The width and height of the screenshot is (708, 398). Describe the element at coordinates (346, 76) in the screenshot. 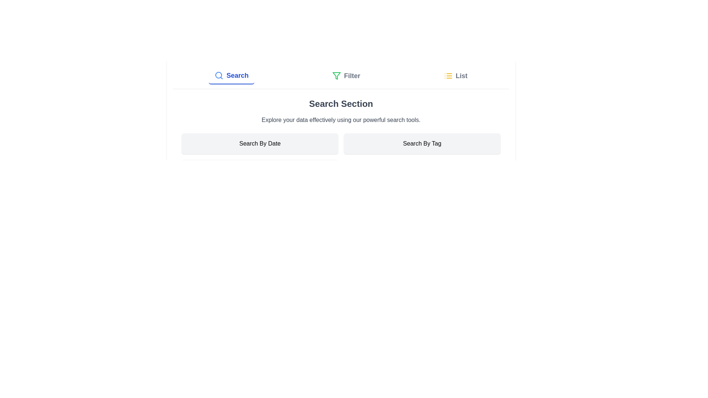

I see `the tab labeled Filter to view its content` at that location.